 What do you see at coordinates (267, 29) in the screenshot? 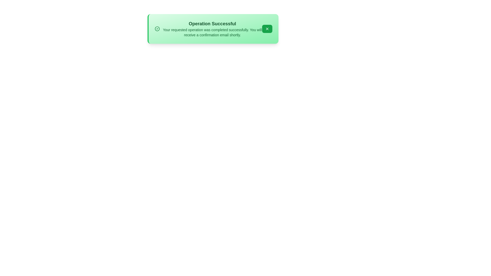
I see `the close button to dismiss the alert` at bounding box center [267, 29].